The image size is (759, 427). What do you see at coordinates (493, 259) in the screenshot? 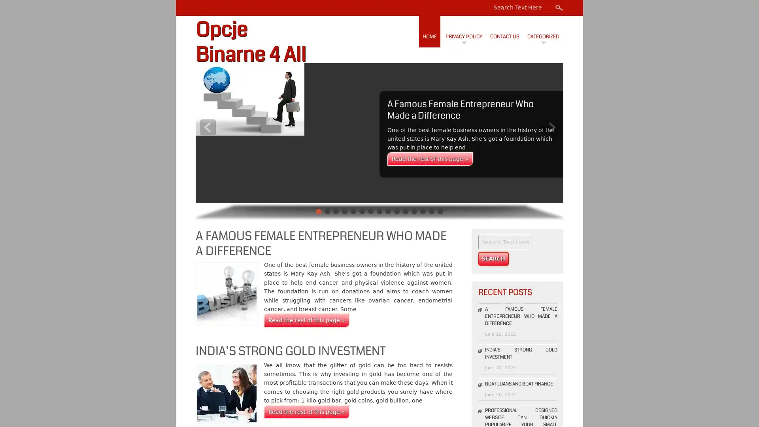
I see `Search` at bounding box center [493, 259].